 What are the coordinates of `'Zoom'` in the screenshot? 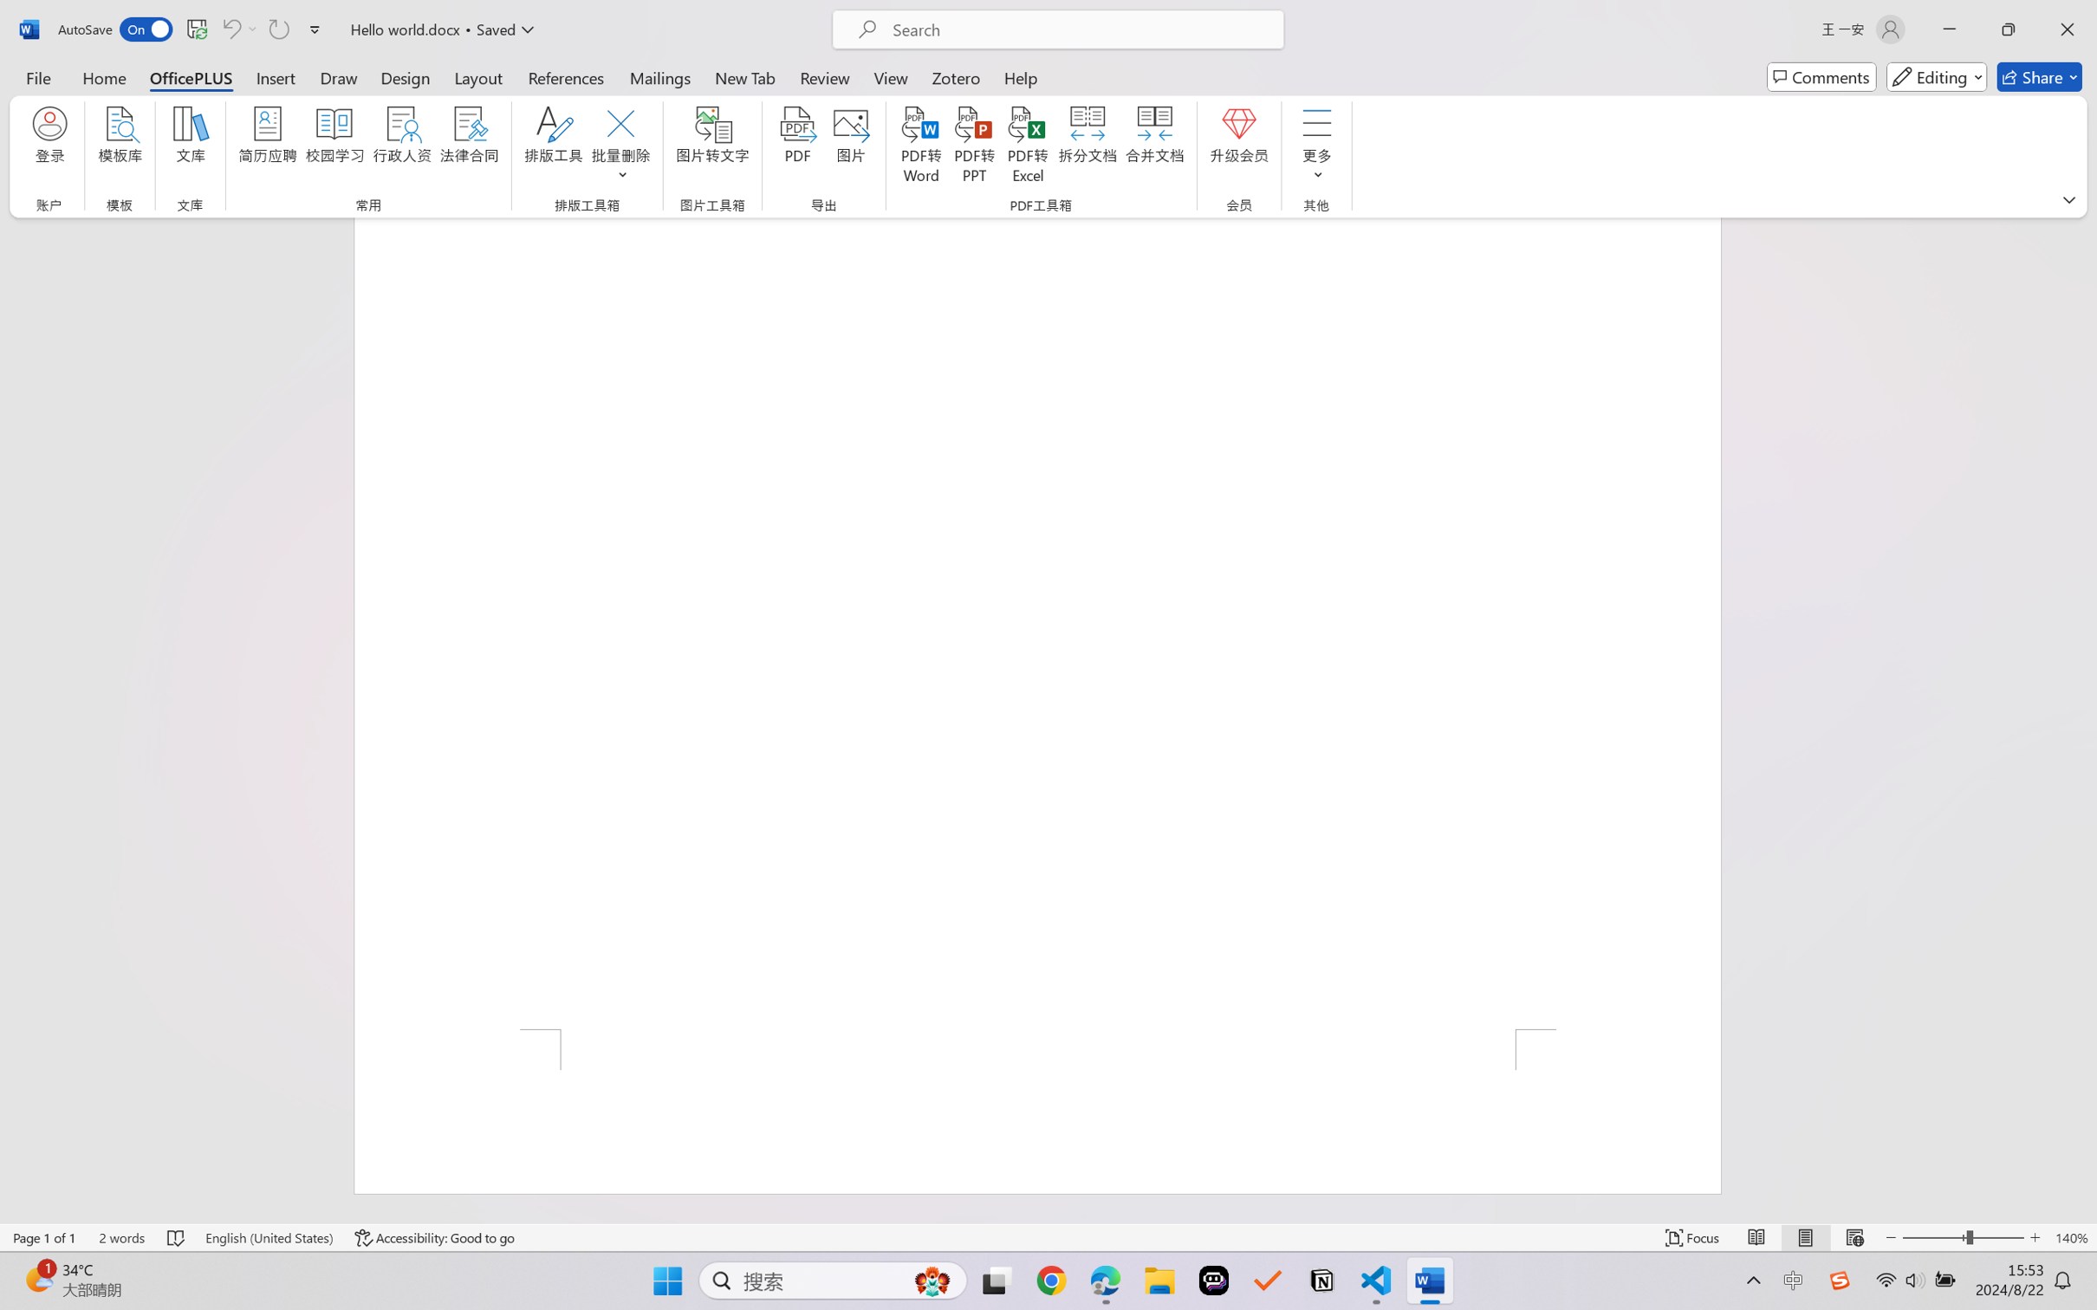 It's located at (1964, 1237).